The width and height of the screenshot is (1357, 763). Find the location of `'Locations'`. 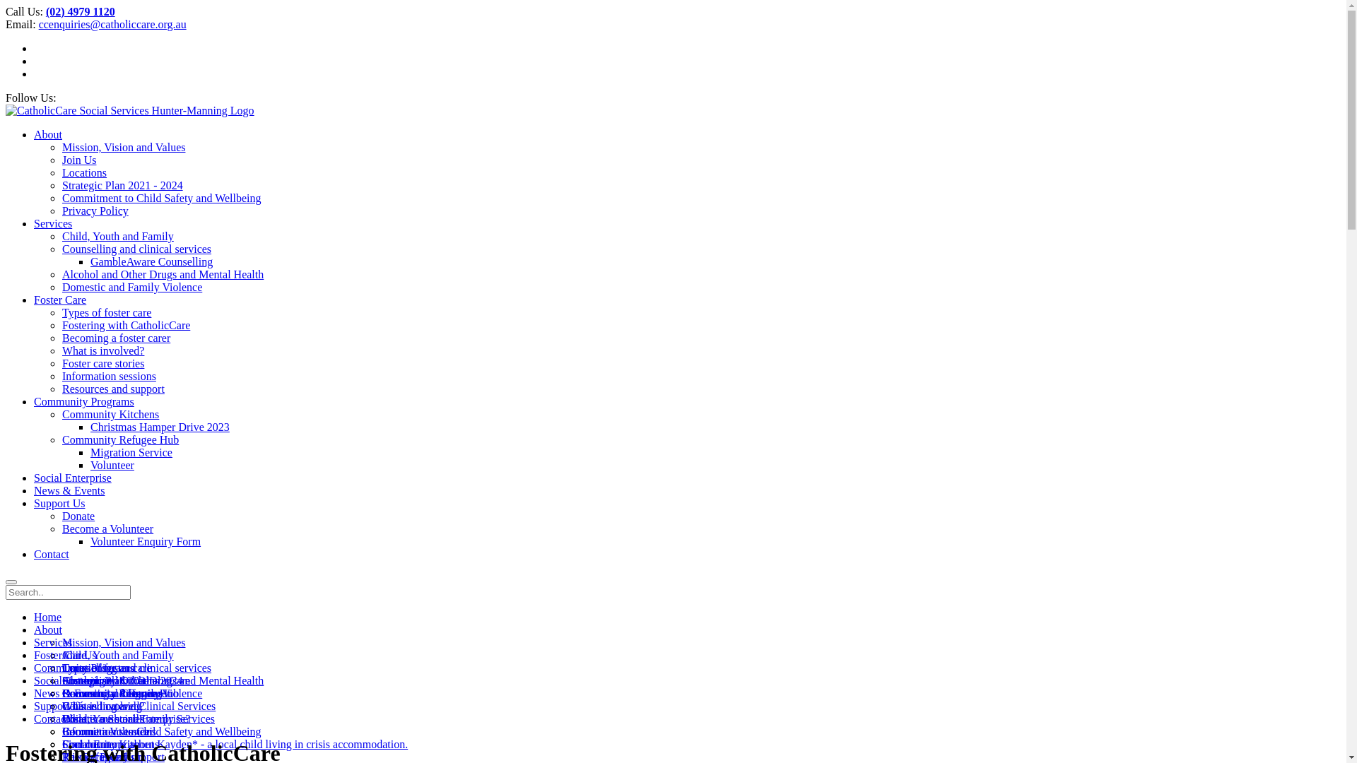

'Locations' is located at coordinates (83, 172).